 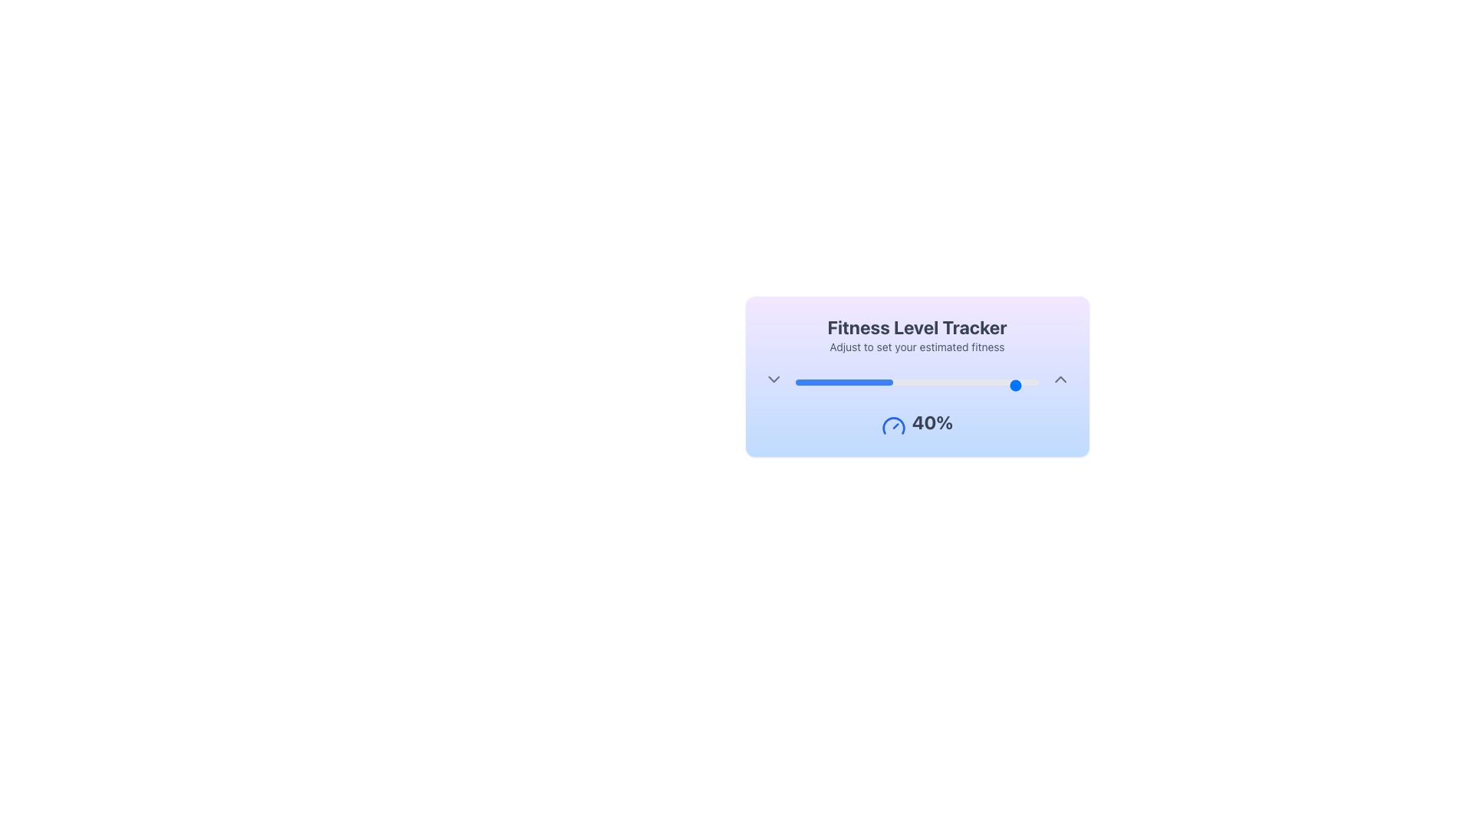 I want to click on the slider value, so click(x=1014, y=379).